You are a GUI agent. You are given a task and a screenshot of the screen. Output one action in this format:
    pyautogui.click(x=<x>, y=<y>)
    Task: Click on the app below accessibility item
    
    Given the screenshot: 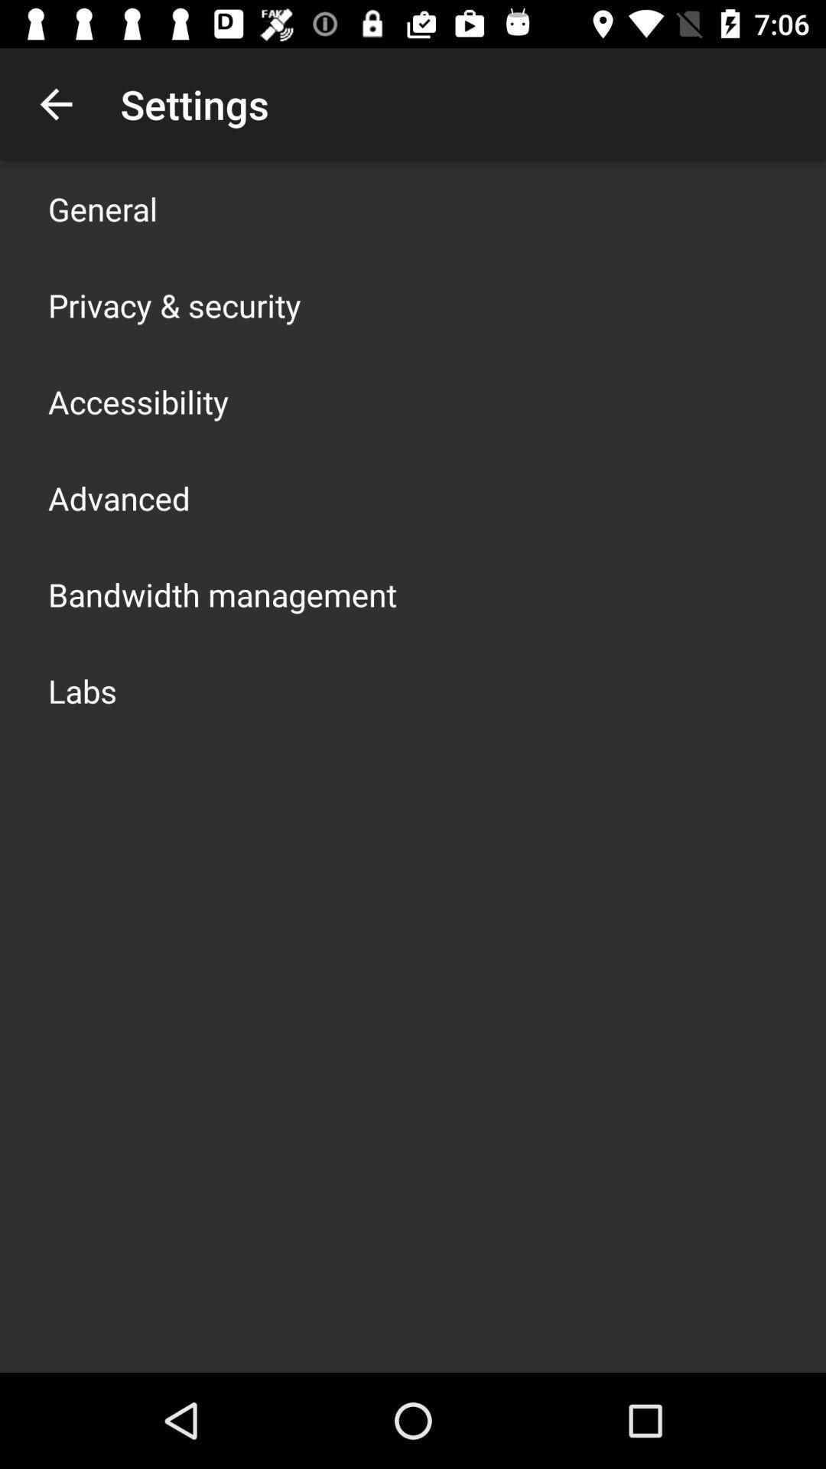 What is the action you would take?
    pyautogui.click(x=118, y=498)
    